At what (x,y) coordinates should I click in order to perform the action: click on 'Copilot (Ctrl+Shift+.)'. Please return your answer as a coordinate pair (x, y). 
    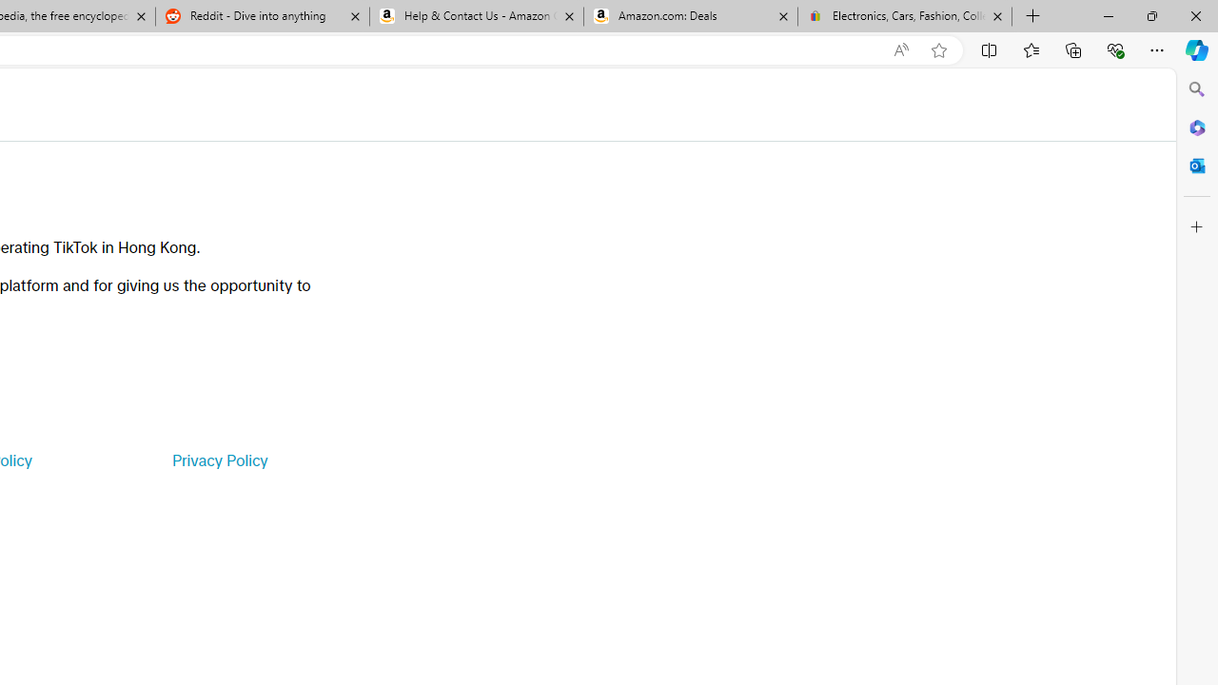
    Looking at the image, I should click on (1196, 49).